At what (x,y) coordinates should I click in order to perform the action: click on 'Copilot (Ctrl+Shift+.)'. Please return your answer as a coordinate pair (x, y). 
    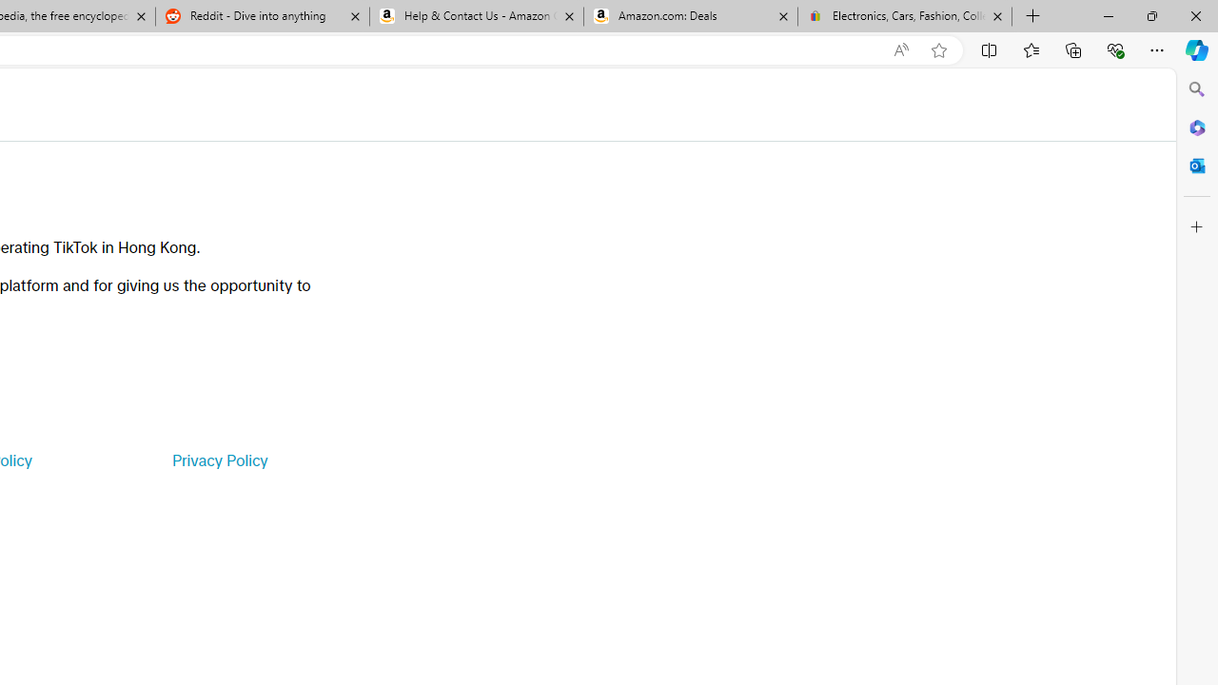
    Looking at the image, I should click on (1196, 49).